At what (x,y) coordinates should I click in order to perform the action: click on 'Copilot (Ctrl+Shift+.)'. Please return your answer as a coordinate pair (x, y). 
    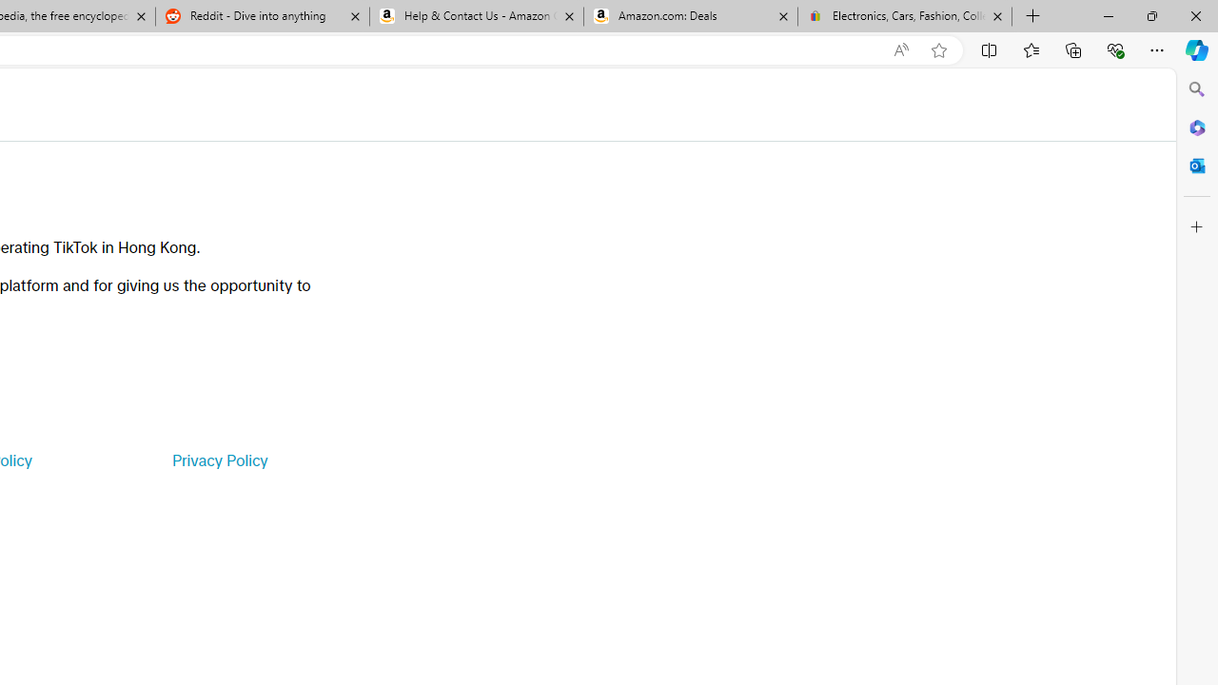
    Looking at the image, I should click on (1196, 49).